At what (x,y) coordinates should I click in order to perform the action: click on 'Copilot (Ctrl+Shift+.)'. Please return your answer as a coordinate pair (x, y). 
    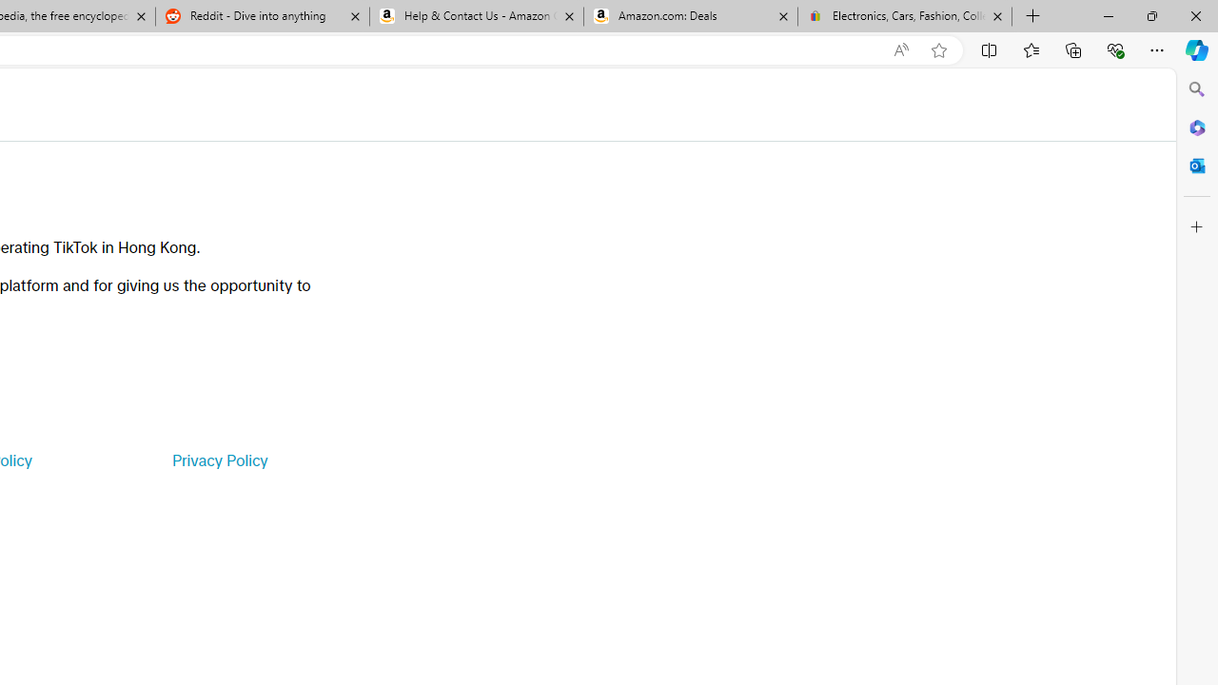
    Looking at the image, I should click on (1196, 49).